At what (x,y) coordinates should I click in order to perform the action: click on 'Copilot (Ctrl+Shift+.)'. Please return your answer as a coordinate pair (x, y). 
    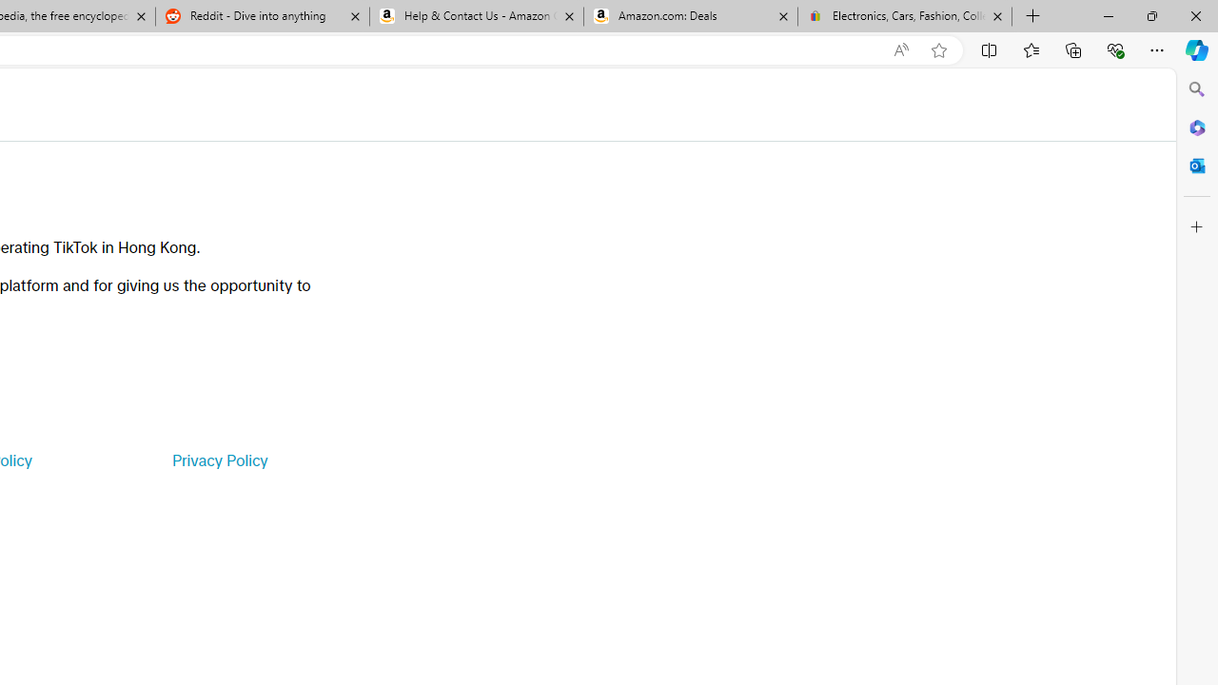
    Looking at the image, I should click on (1196, 49).